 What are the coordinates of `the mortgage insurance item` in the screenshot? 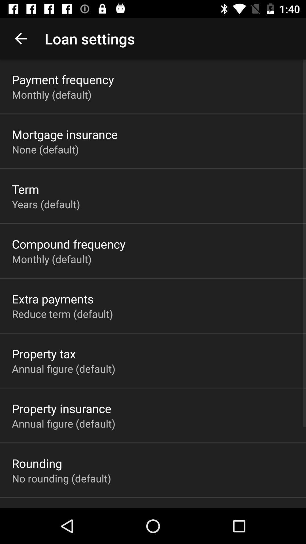 It's located at (64, 134).